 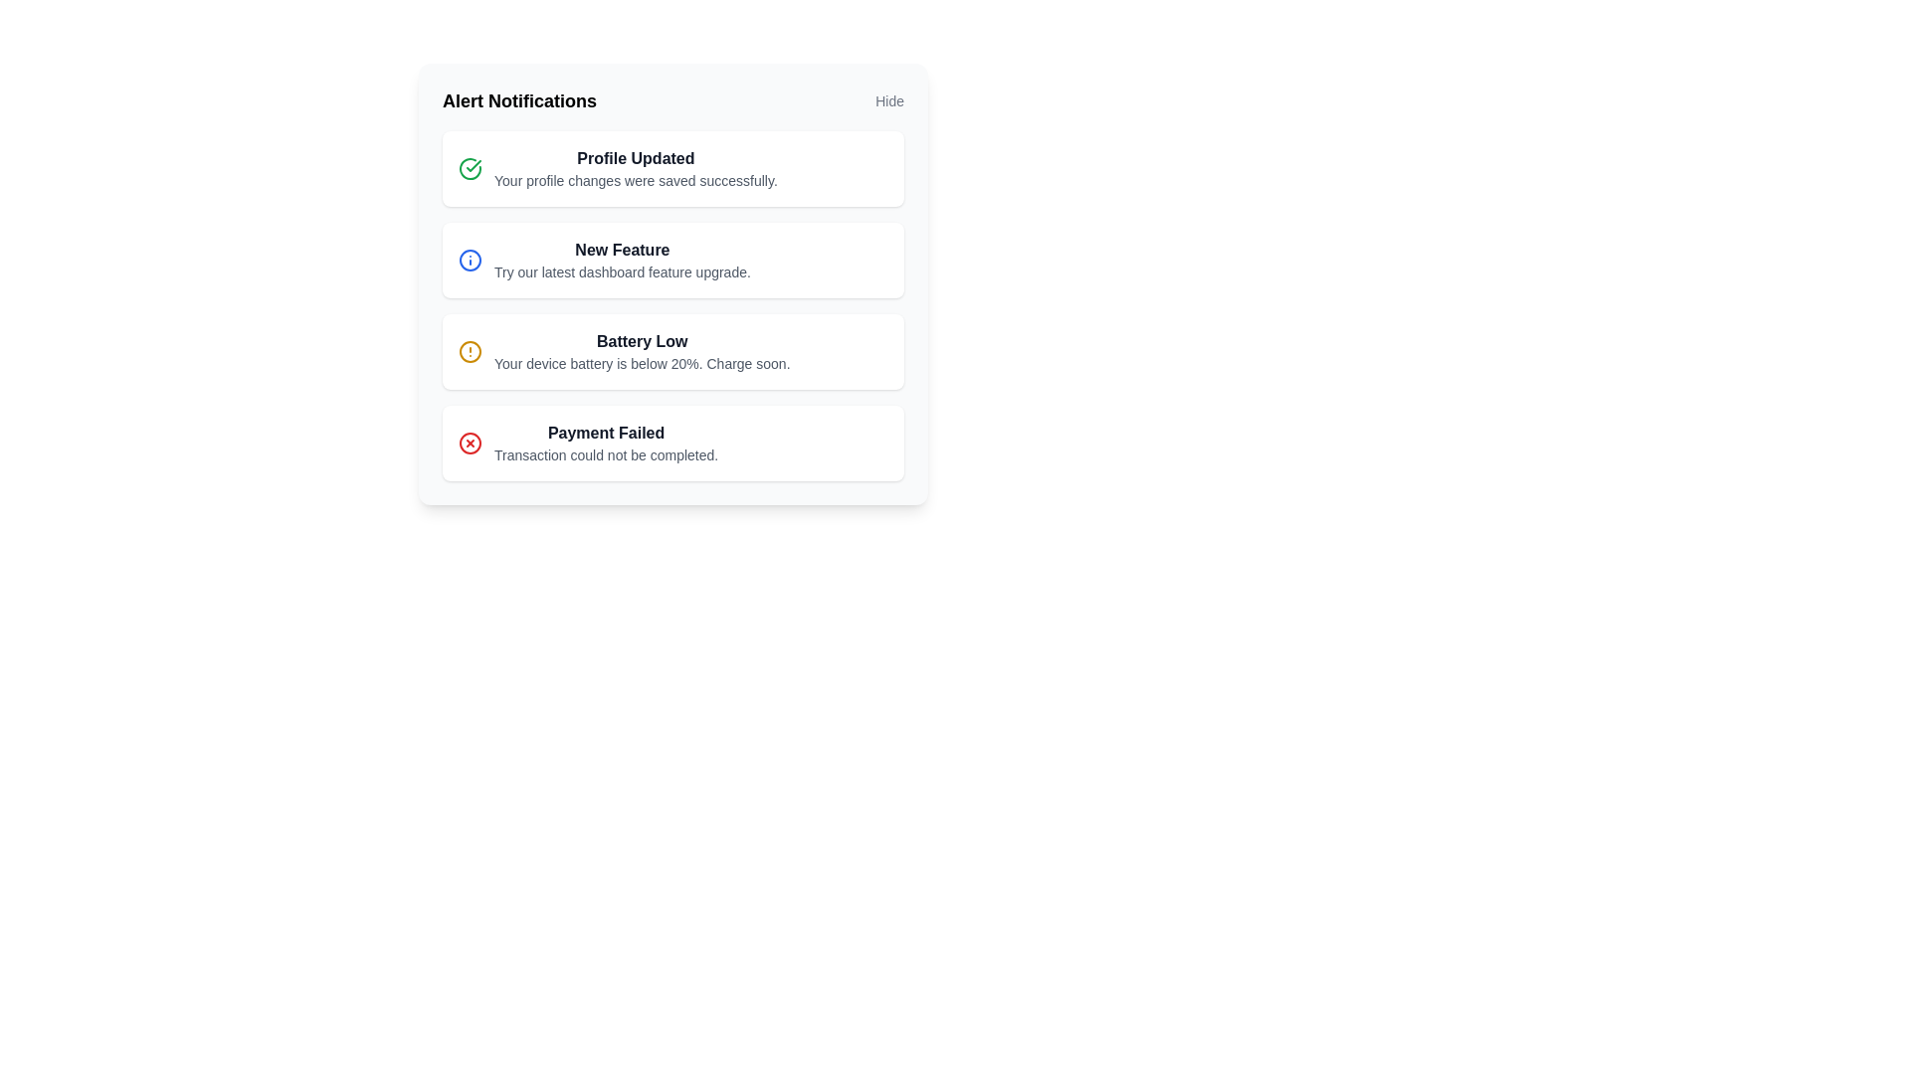 What do you see at coordinates (470, 443) in the screenshot?
I see `the red circular icon with a white cross indicating a negative status, located next to the 'Payment Failed' notification` at bounding box center [470, 443].